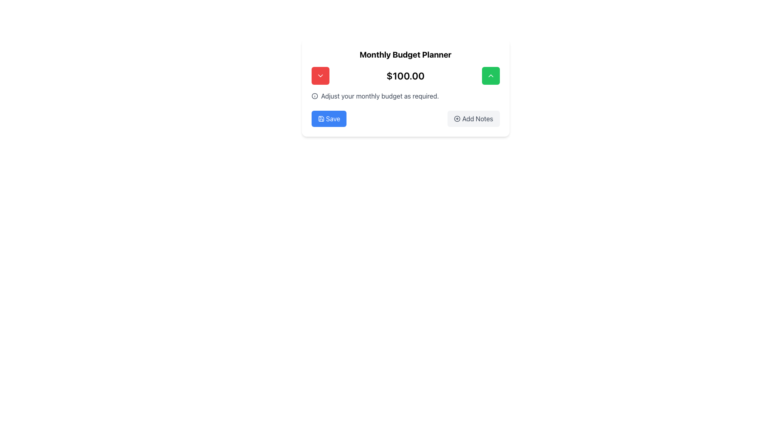 This screenshot has height=438, width=779. What do you see at coordinates (320, 75) in the screenshot?
I see `the square red button with rounded corners and a downward-pointing chevron icon located to the left of the text '$100.00'` at bounding box center [320, 75].